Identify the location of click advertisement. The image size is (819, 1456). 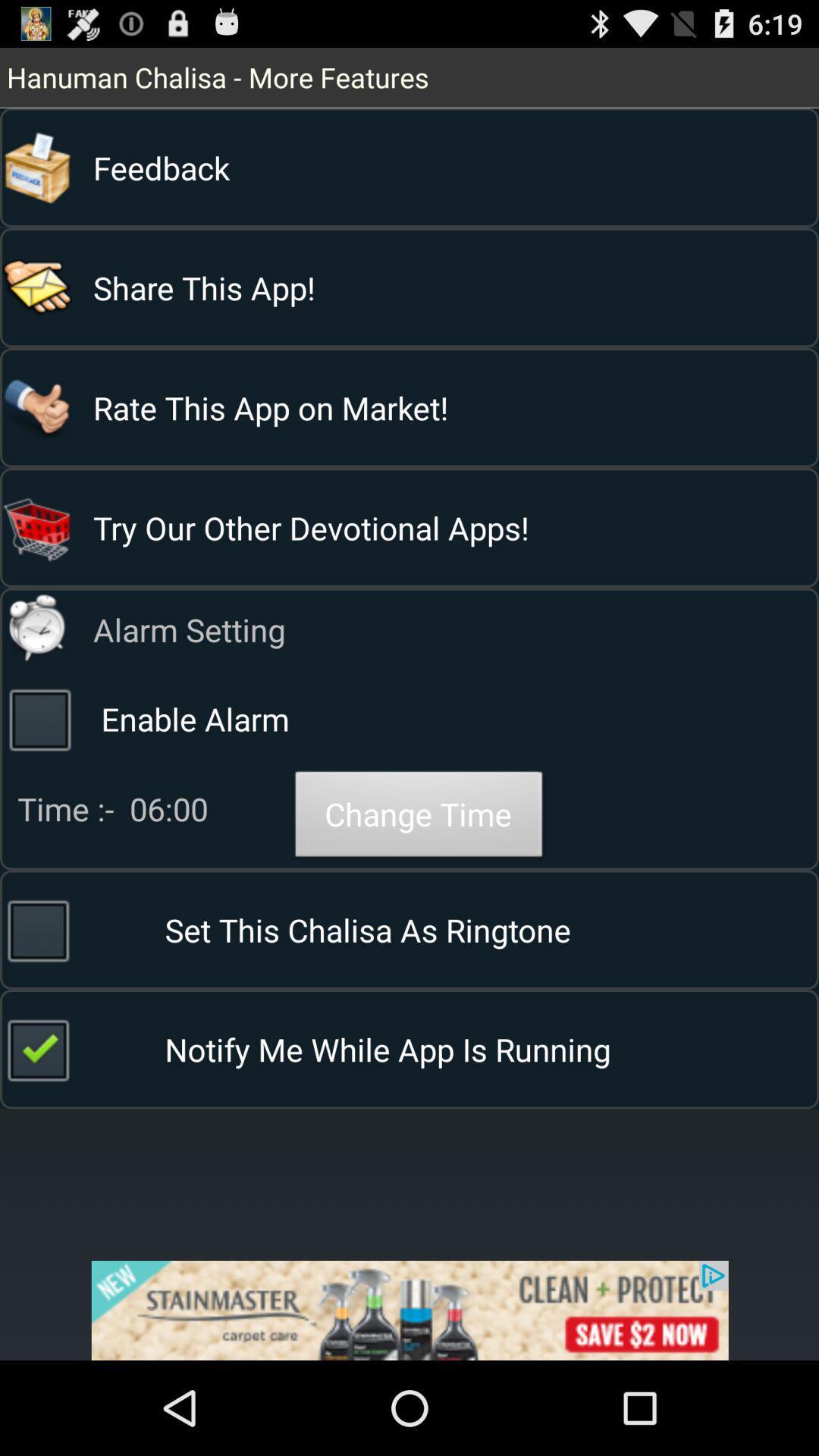
(409, 1310).